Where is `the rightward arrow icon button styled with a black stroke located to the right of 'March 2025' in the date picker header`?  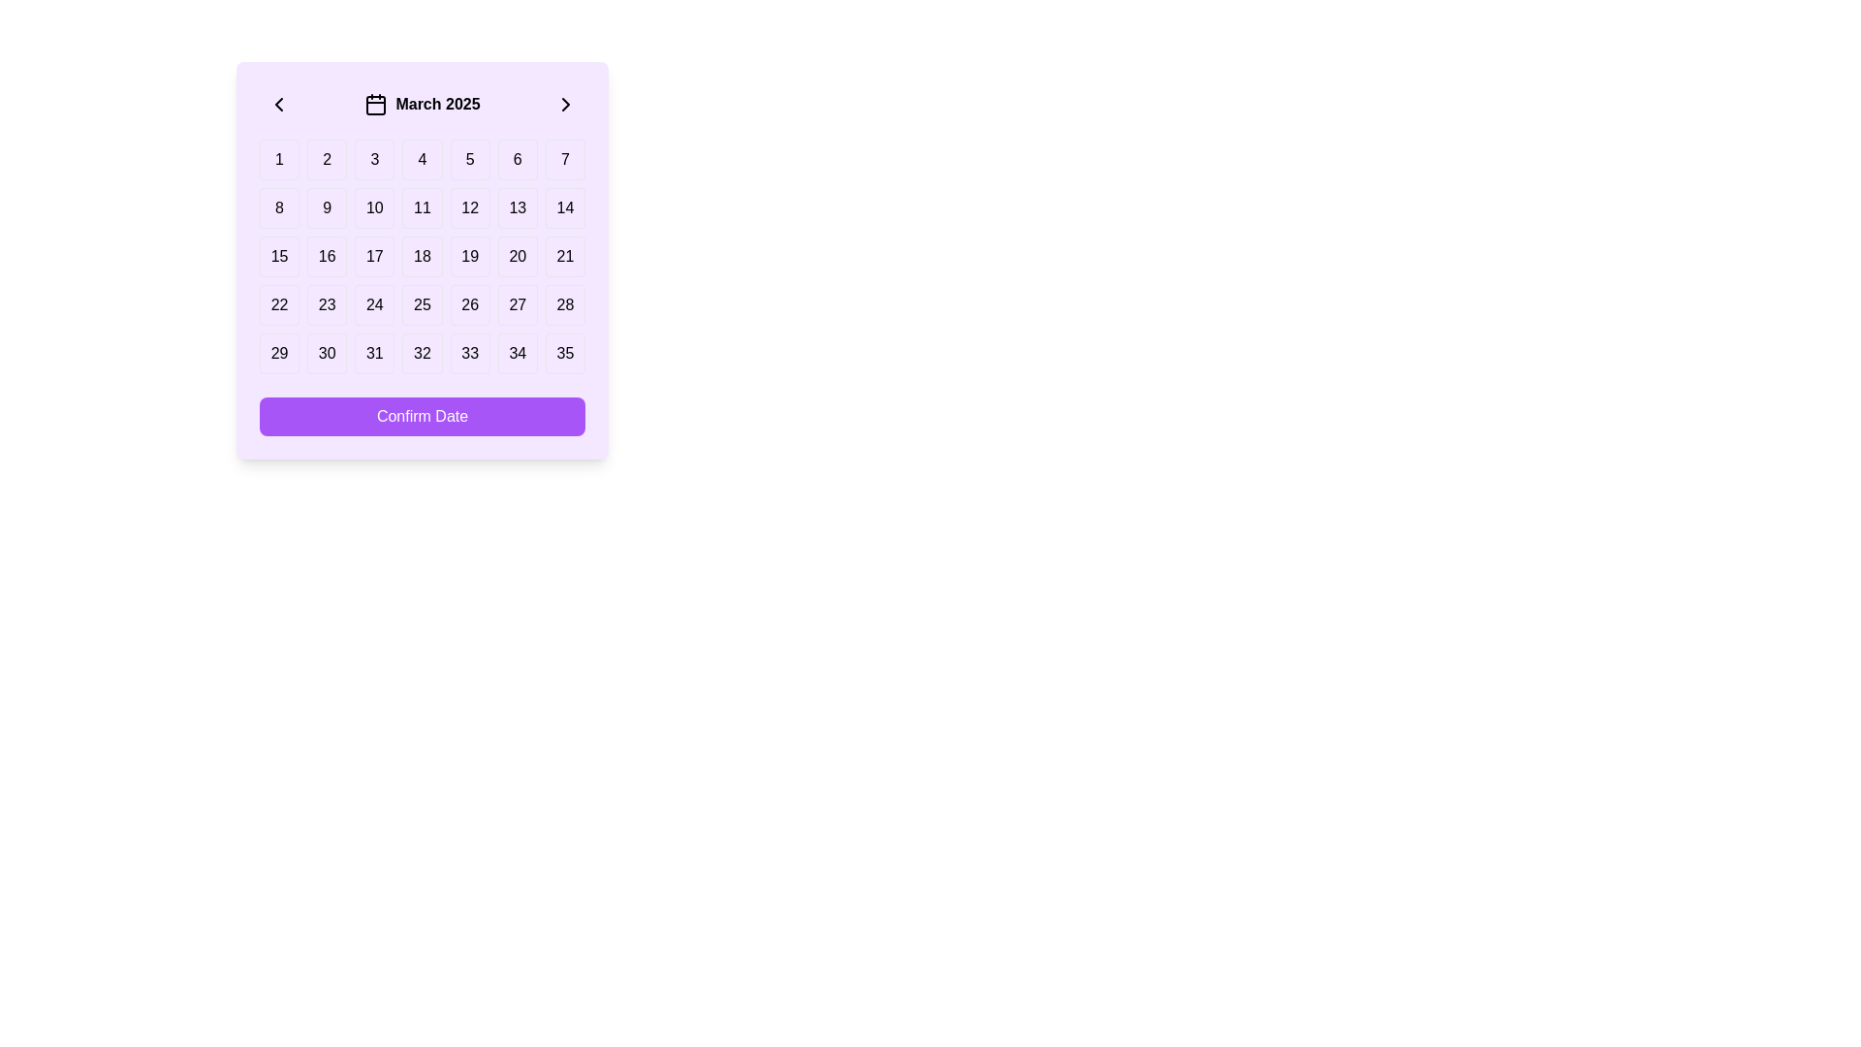 the rightward arrow icon button styled with a black stroke located to the right of 'March 2025' in the date picker header is located at coordinates (565, 105).